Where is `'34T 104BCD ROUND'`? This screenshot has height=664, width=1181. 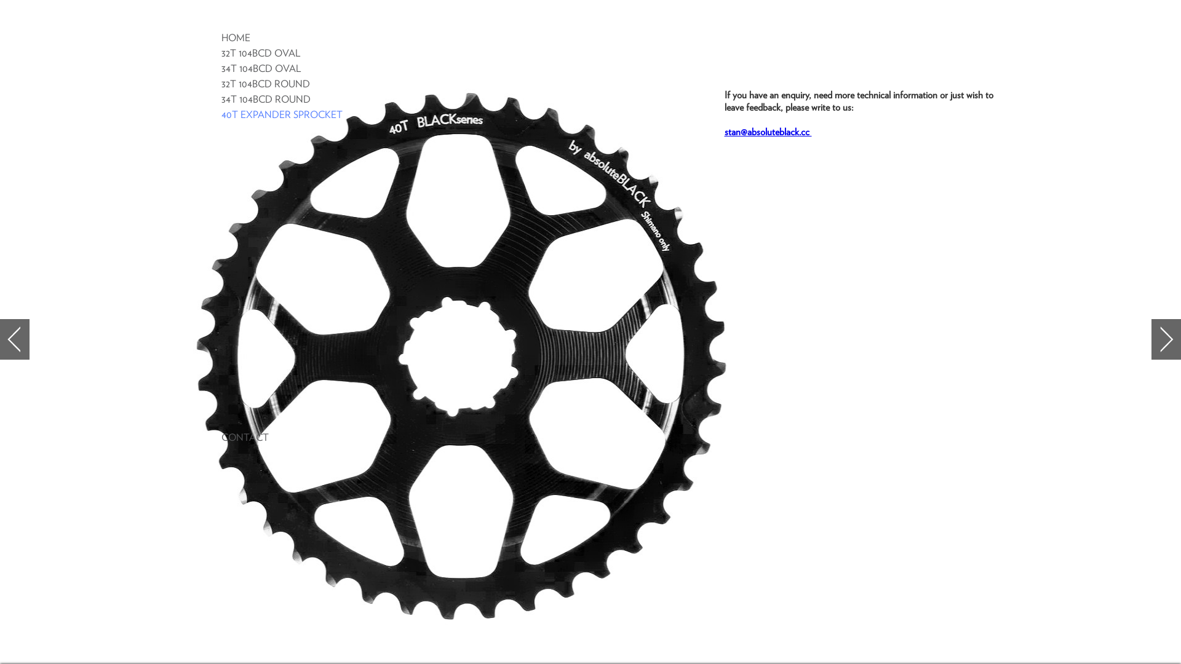
'34T 104BCD ROUND' is located at coordinates (265, 99).